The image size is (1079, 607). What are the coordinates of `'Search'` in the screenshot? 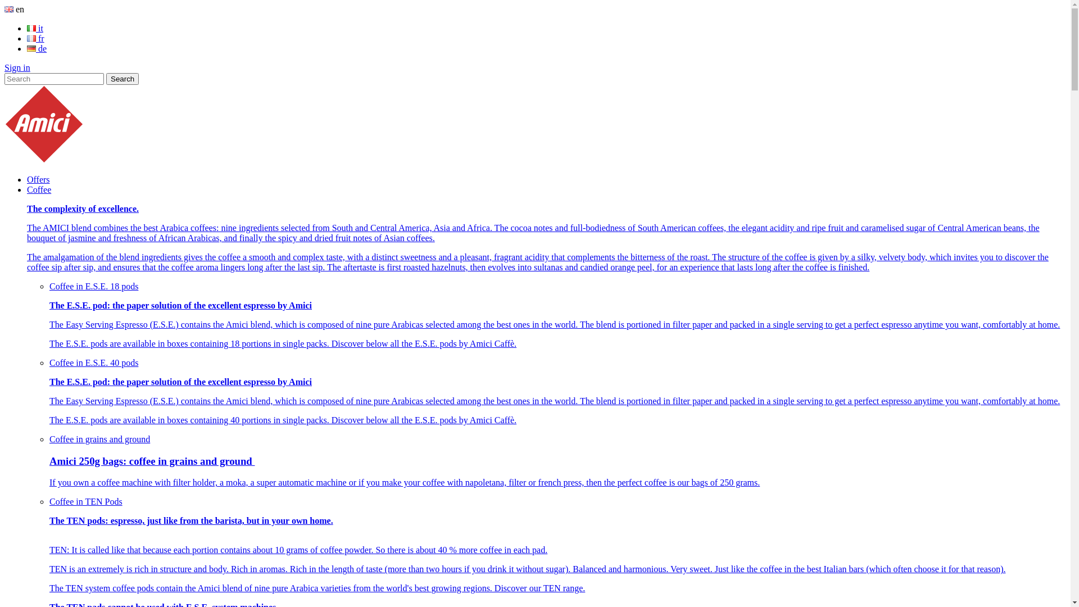 It's located at (122, 78).